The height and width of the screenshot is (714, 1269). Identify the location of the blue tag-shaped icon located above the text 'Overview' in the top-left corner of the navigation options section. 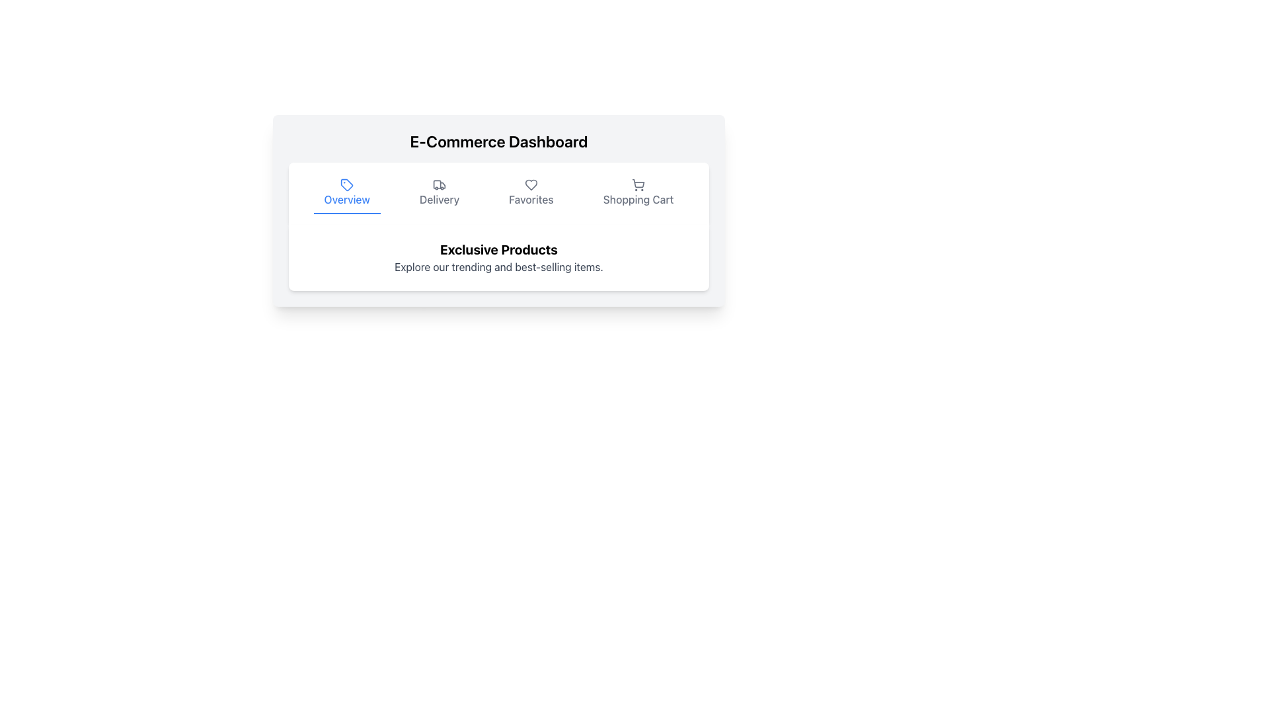
(347, 185).